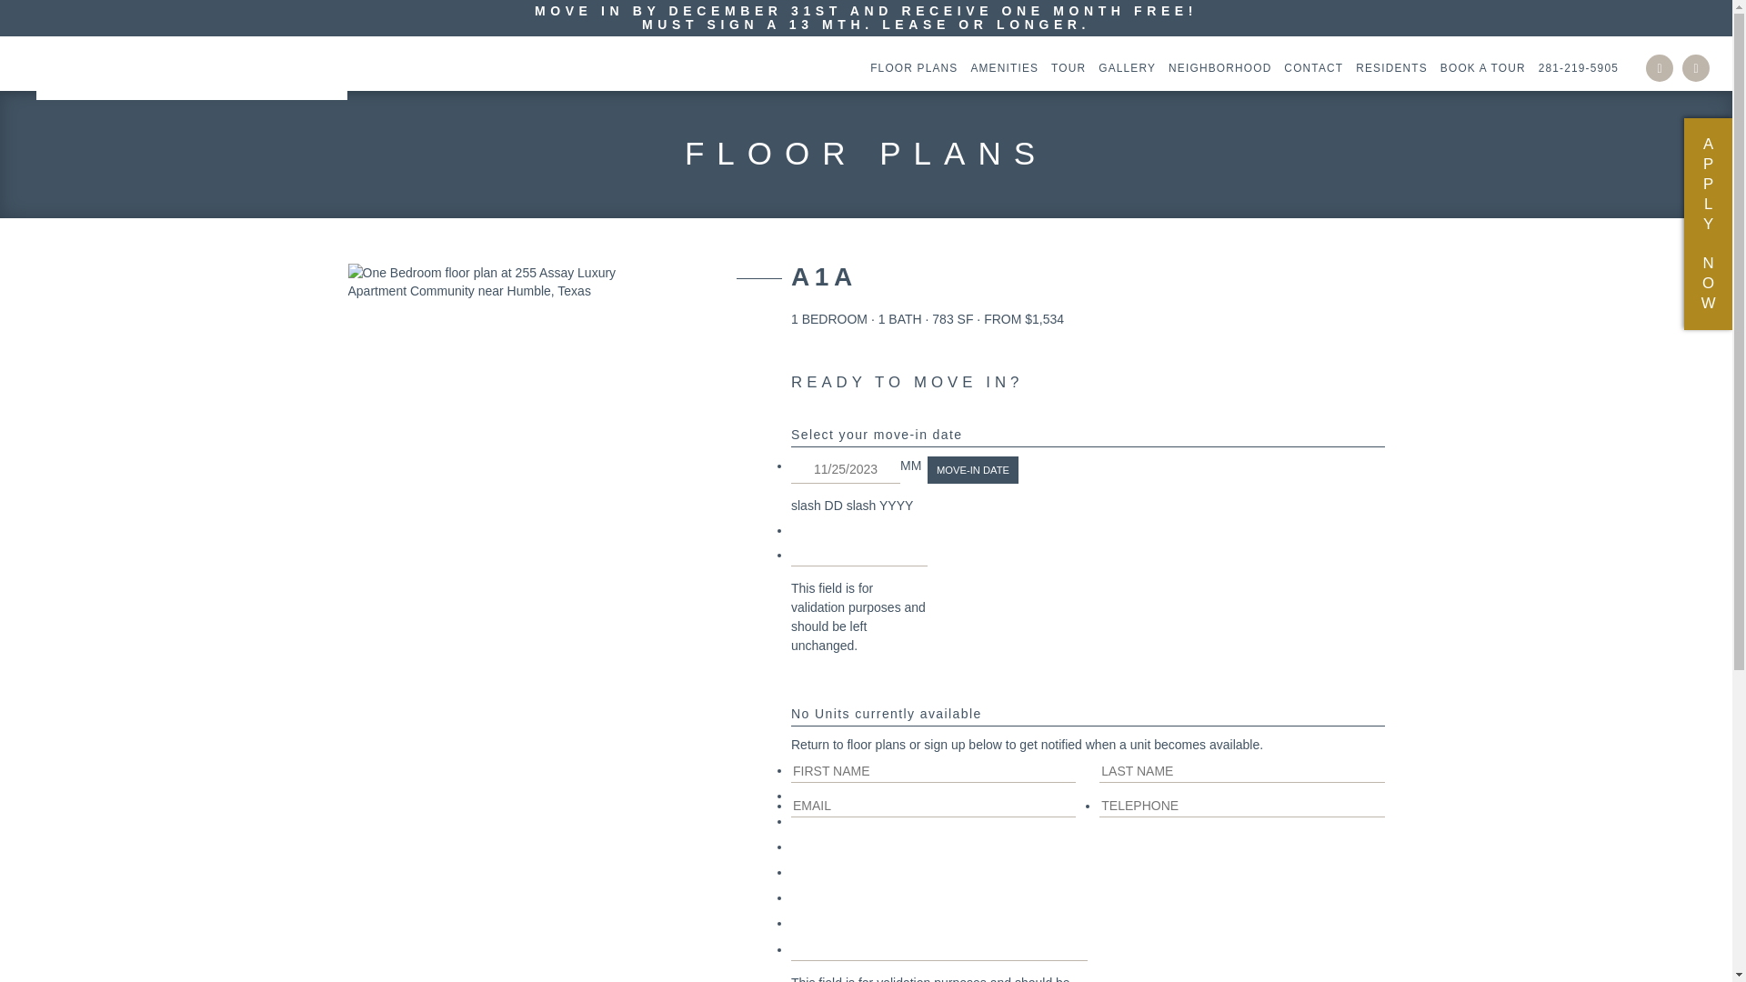 The width and height of the screenshot is (1746, 982). Describe the element at coordinates (1386, 66) in the screenshot. I see `'RESIDENTS'` at that location.